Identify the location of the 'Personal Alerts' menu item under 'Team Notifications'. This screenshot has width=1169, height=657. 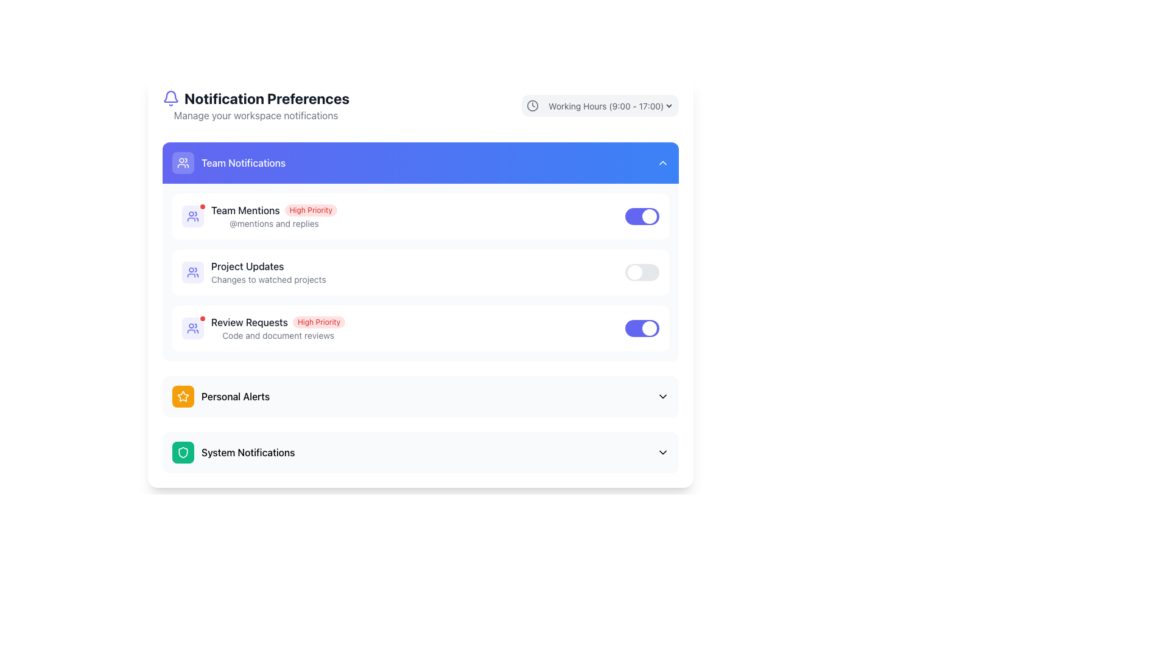
(221, 396).